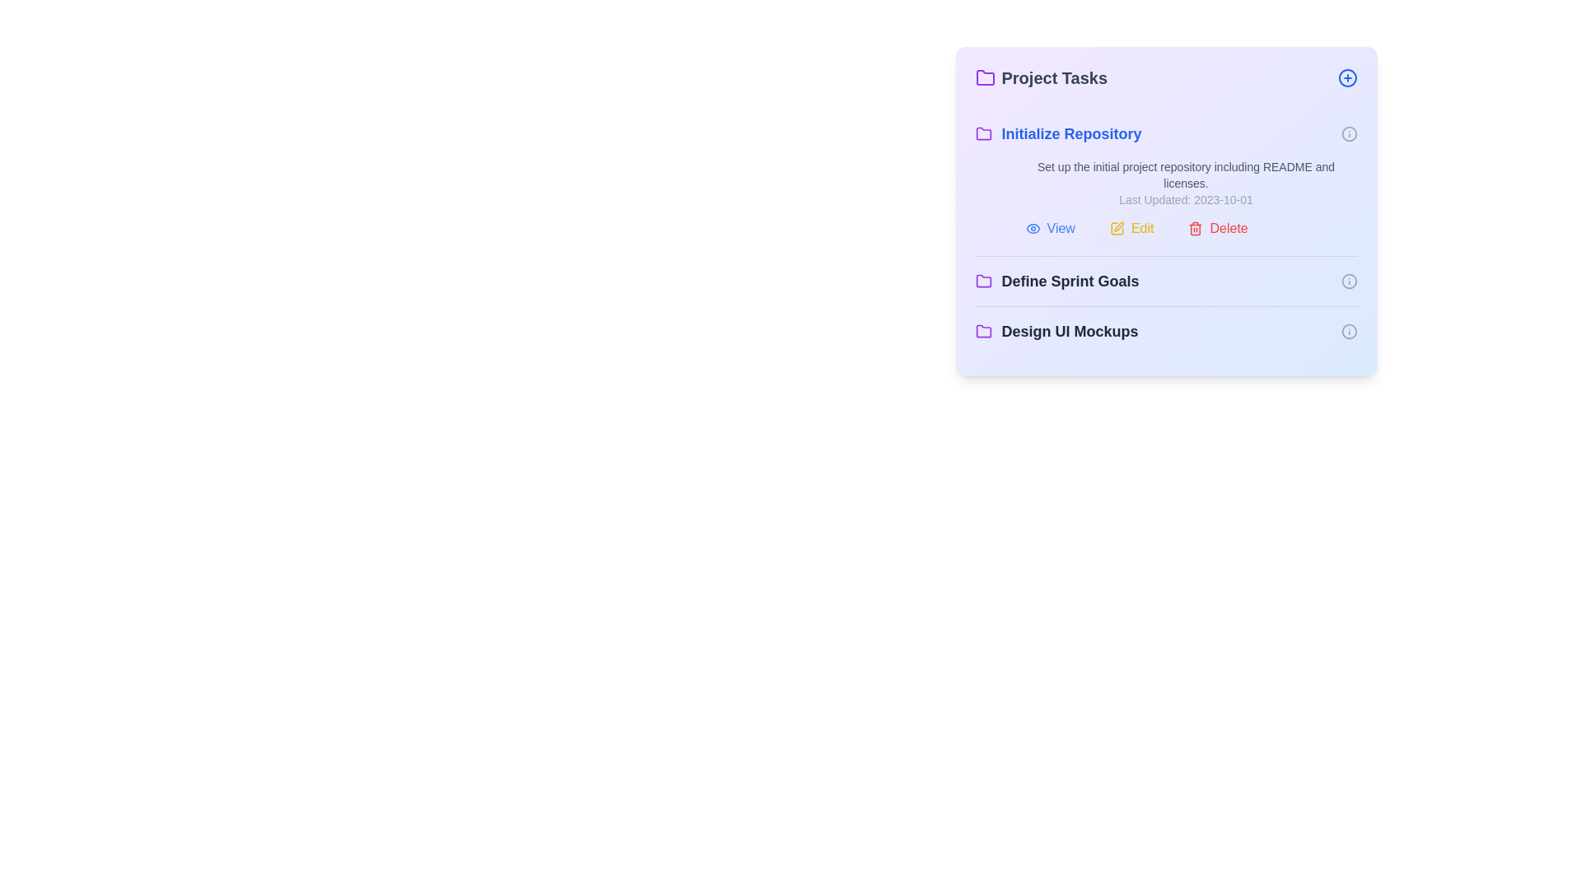 The image size is (1581, 889). What do you see at coordinates (1186, 199) in the screenshot?
I see `the static text label displaying 'Last Updated: 2023-10-01', which is positioned above the action buttons and below the task description` at bounding box center [1186, 199].